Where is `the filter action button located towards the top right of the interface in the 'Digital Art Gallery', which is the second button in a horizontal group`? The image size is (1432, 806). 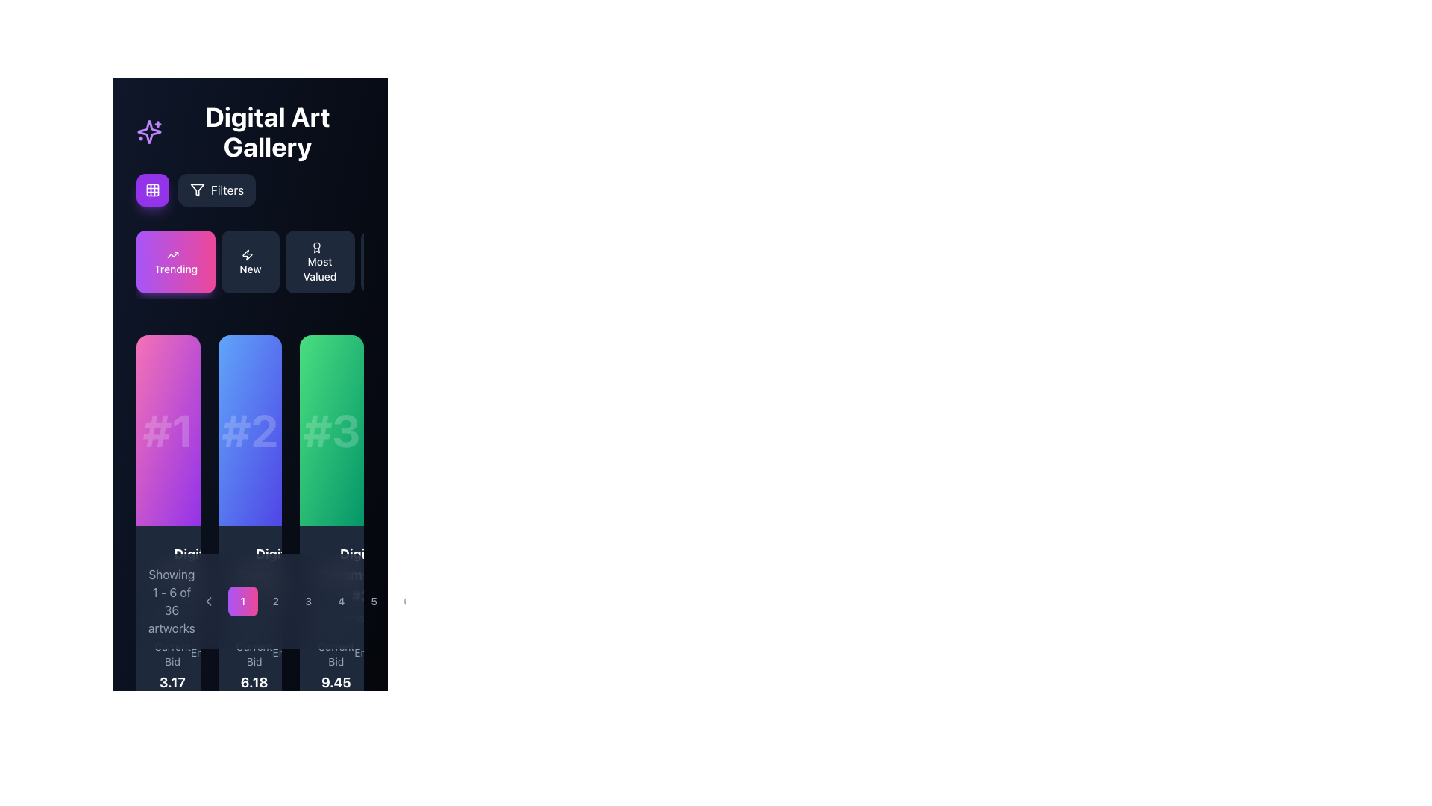
the filter action button located towards the top right of the interface in the 'Digital Art Gallery', which is the second button in a horizontal group is located at coordinates (195, 189).